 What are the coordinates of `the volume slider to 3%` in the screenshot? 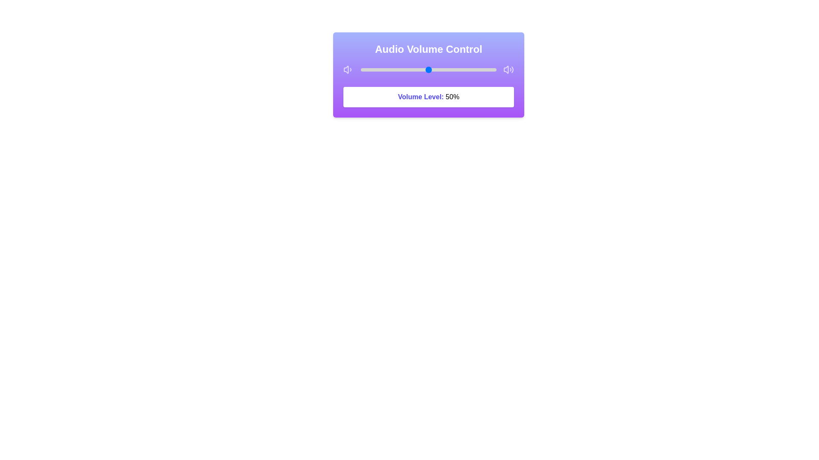 It's located at (365, 69).